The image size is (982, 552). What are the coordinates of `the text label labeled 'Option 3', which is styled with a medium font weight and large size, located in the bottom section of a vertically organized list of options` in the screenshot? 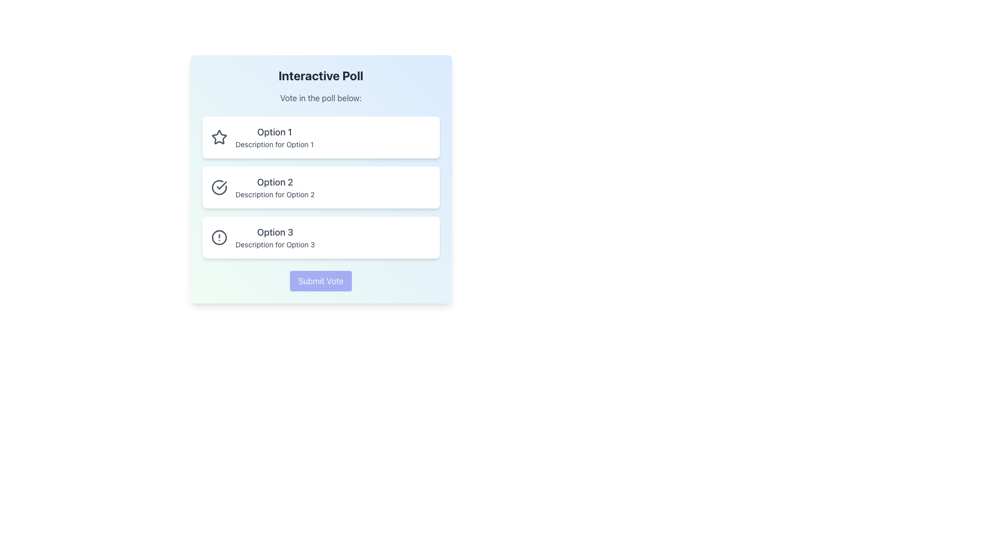 It's located at (275, 233).